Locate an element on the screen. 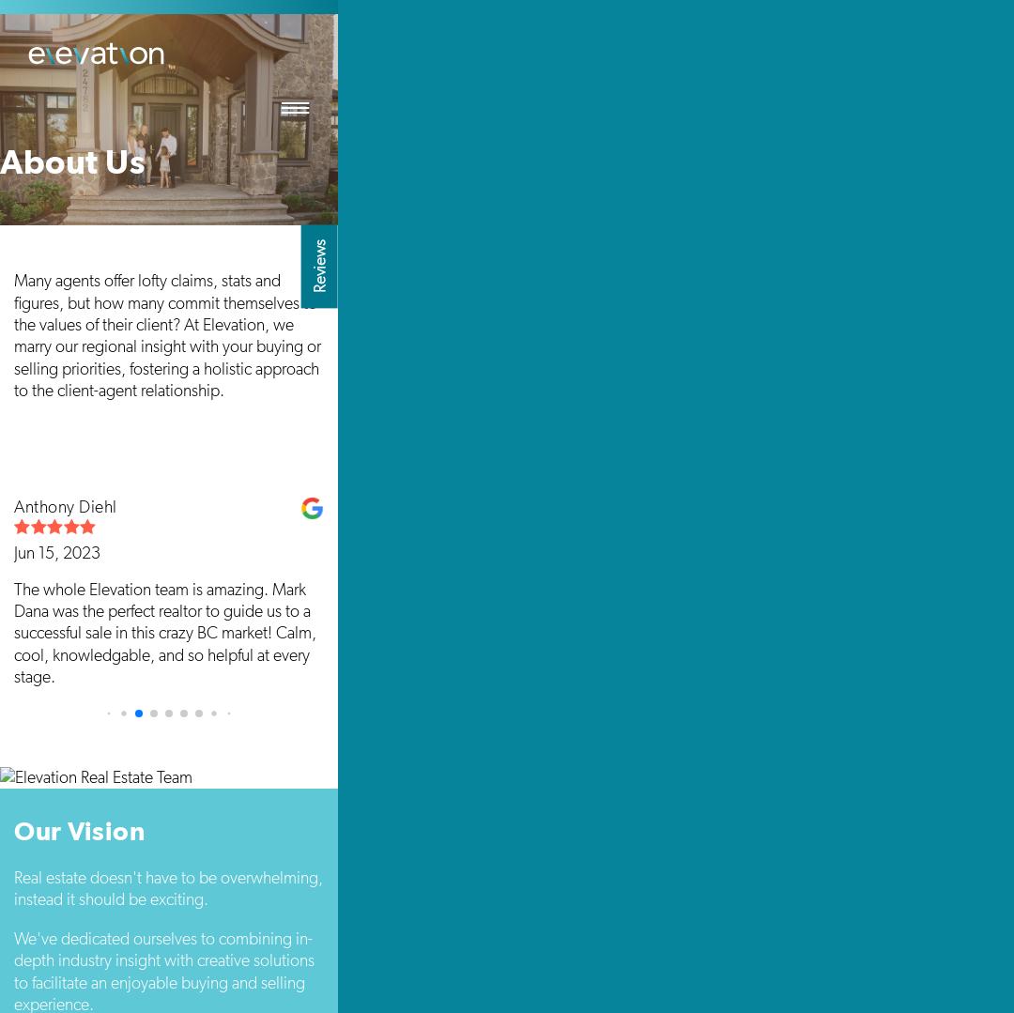 The height and width of the screenshot is (1013, 1014). 'Jun 15, 2023' is located at coordinates (56, 553).